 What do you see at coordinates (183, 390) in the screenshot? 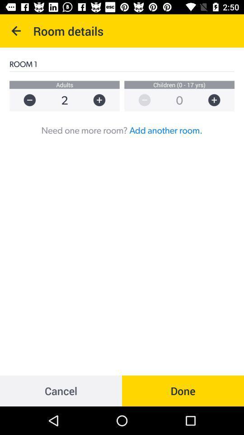
I see `icon below the need one more` at bounding box center [183, 390].